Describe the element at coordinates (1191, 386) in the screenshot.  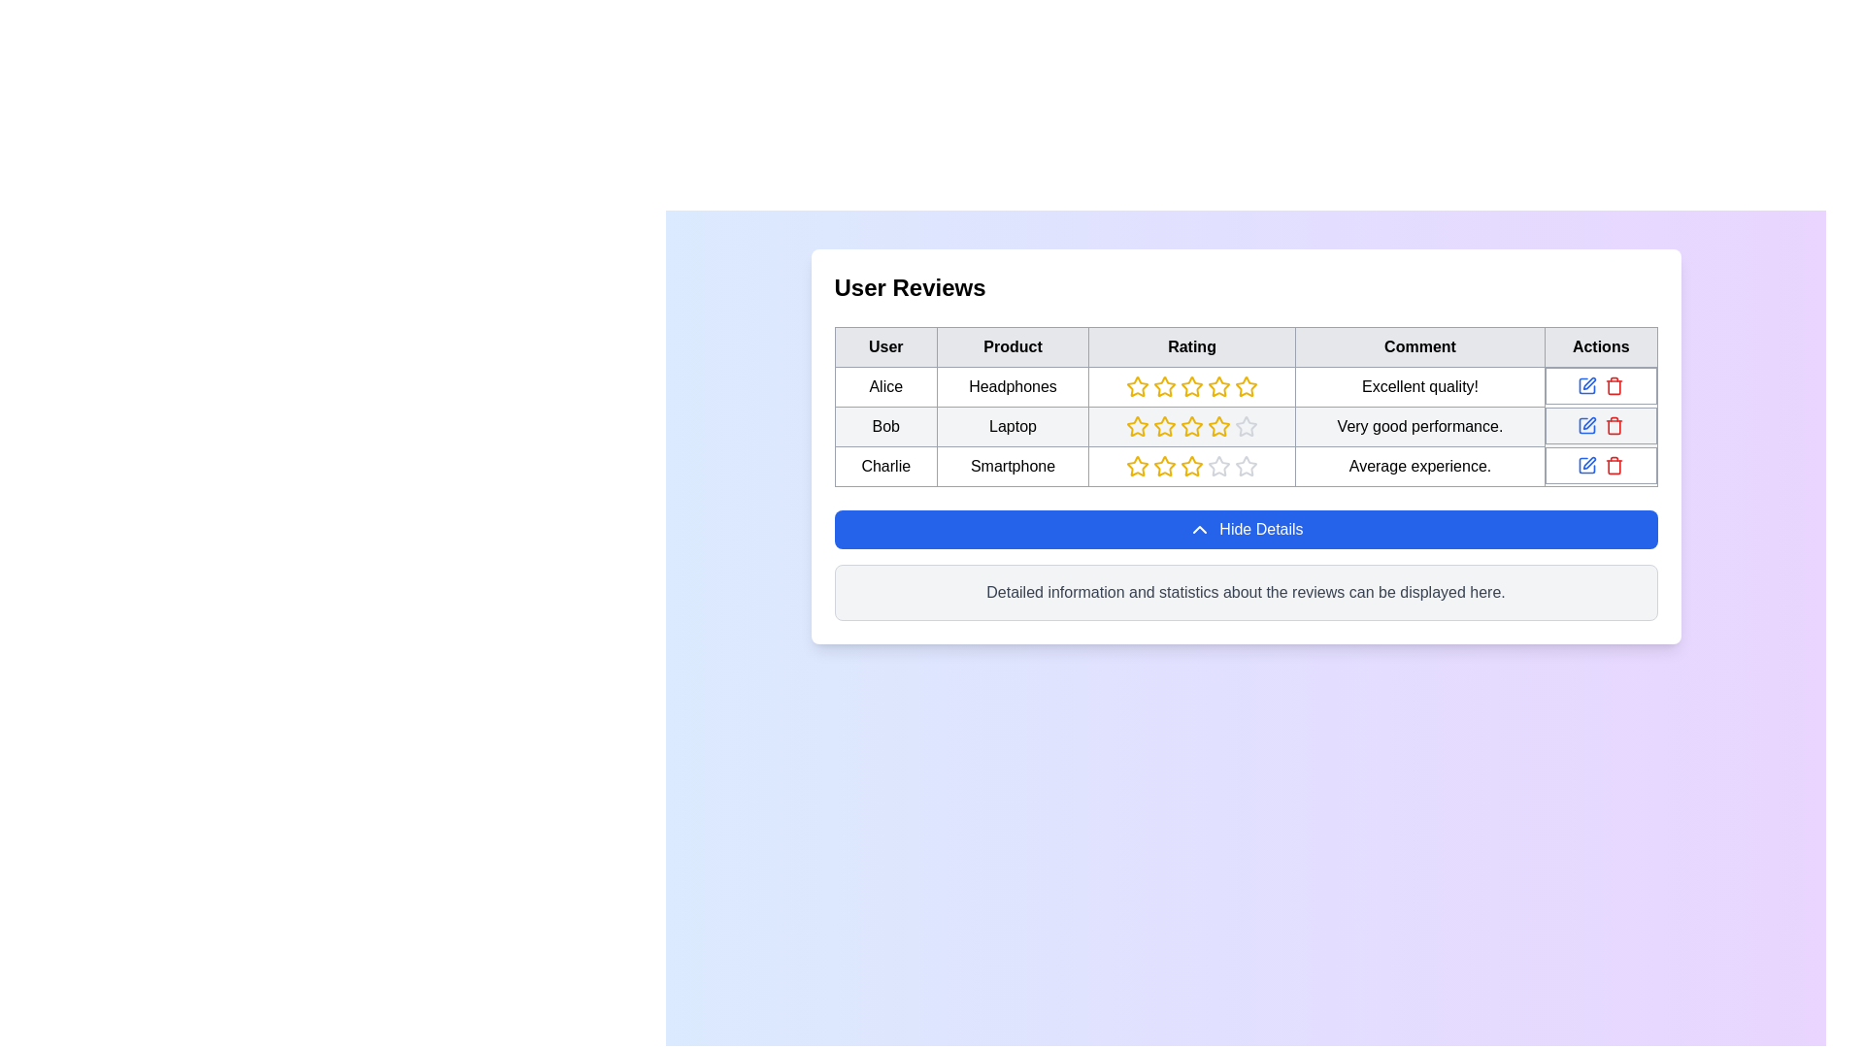
I see `the third star` at that location.